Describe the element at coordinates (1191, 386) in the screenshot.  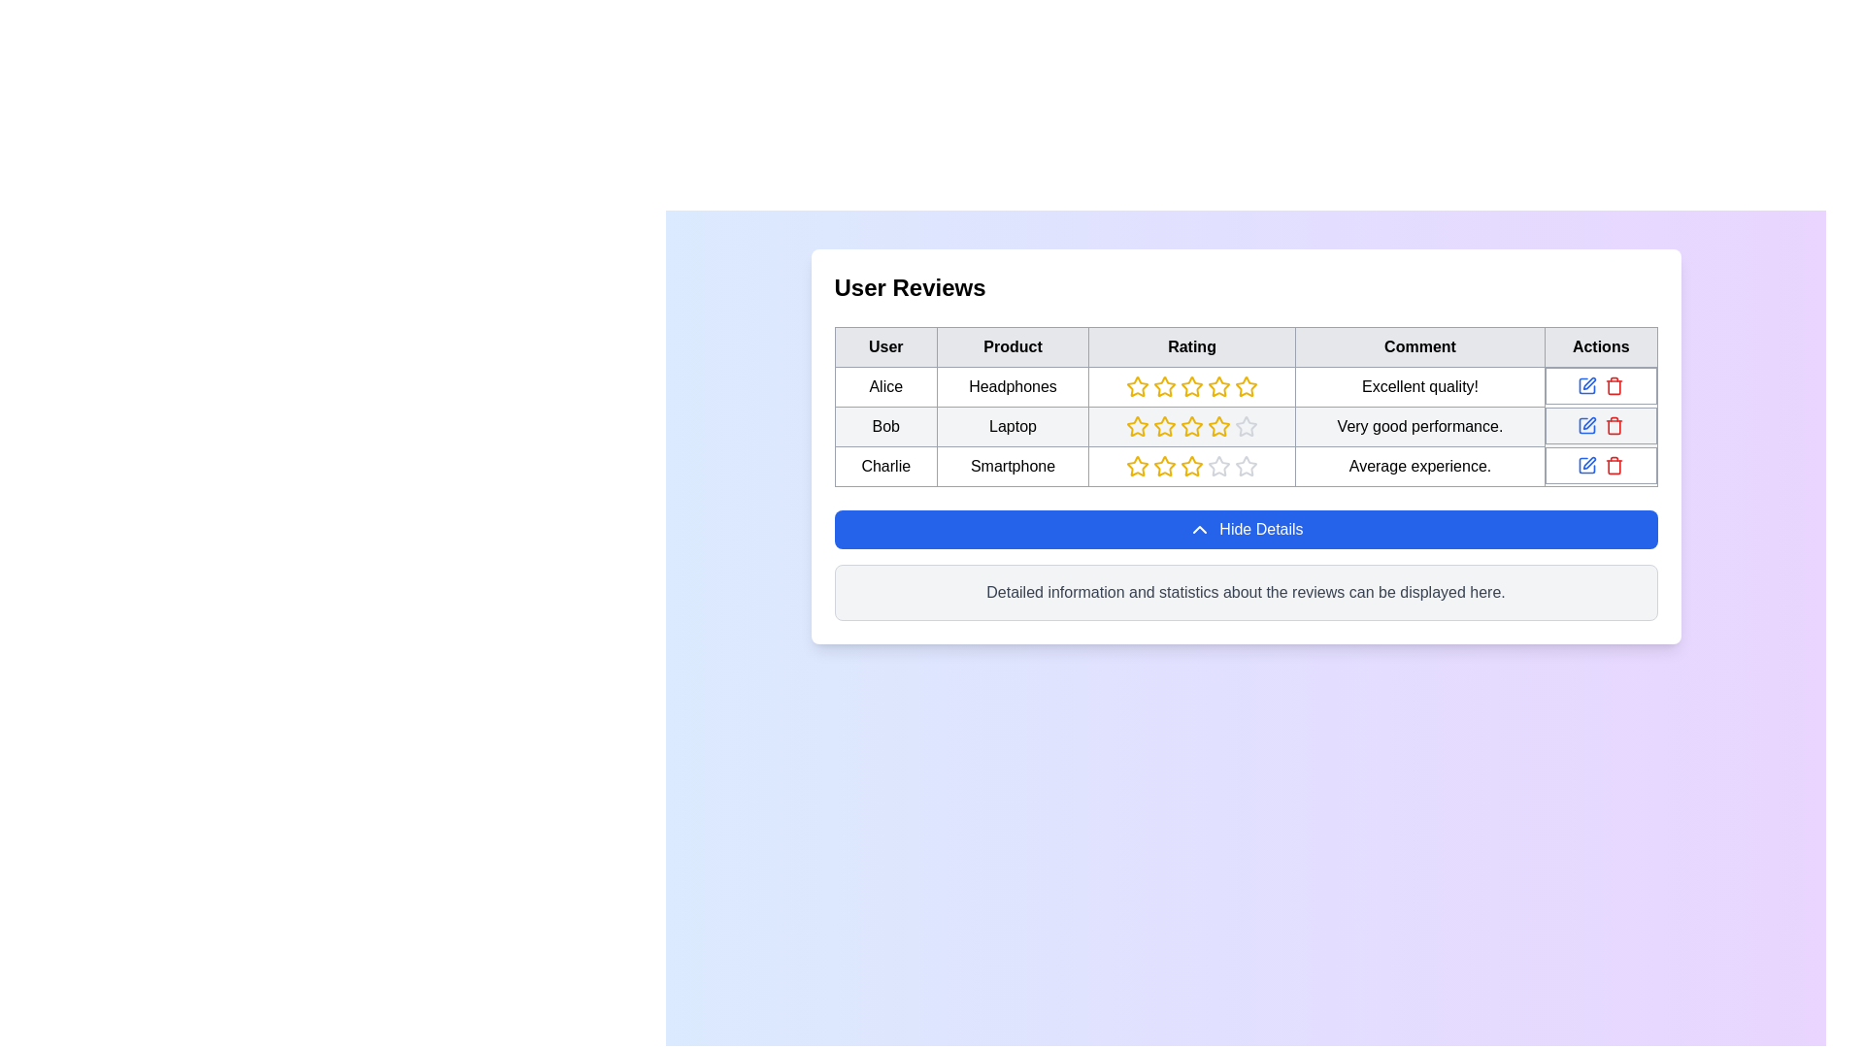
I see `the third star` at that location.